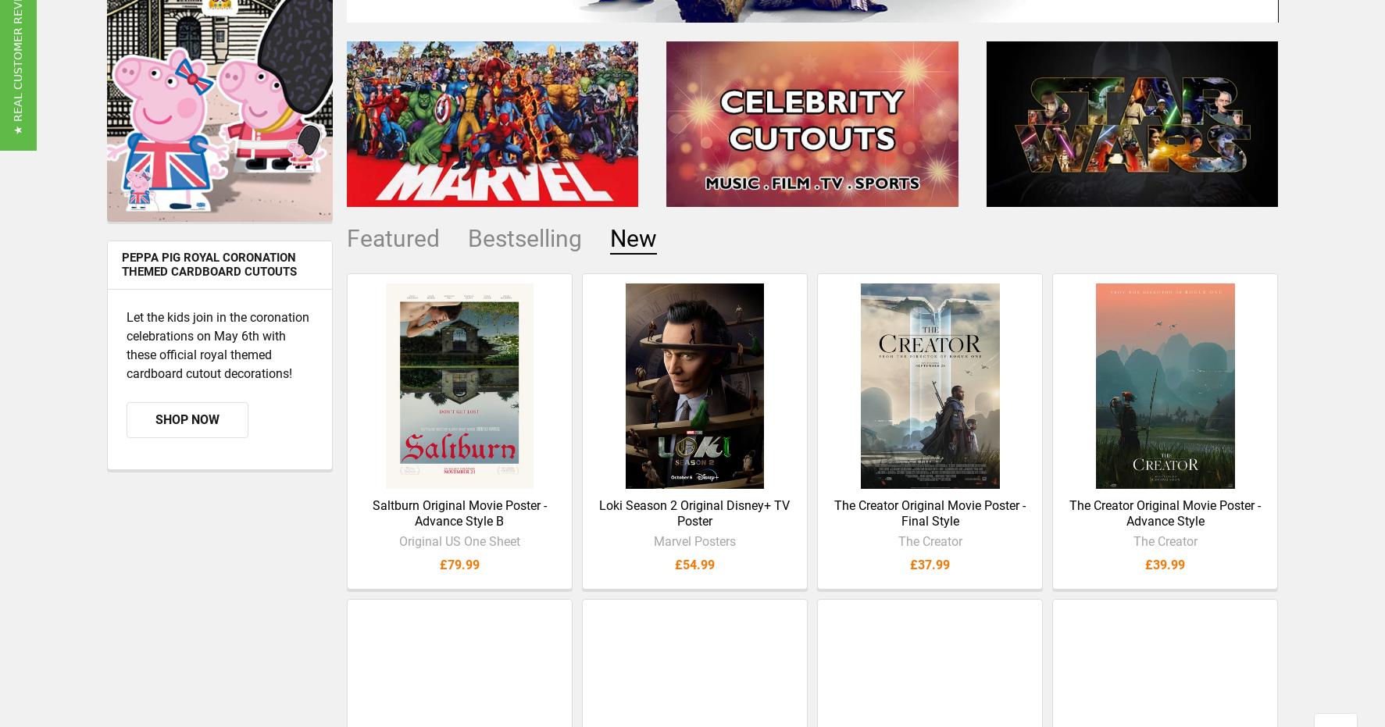 Image resolution: width=1385 pixels, height=727 pixels. What do you see at coordinates (598, 525) in the screenshot?
I see `'Loki Season 2 Original Disney+ TV Poster'` at bounding box center [598, 525].